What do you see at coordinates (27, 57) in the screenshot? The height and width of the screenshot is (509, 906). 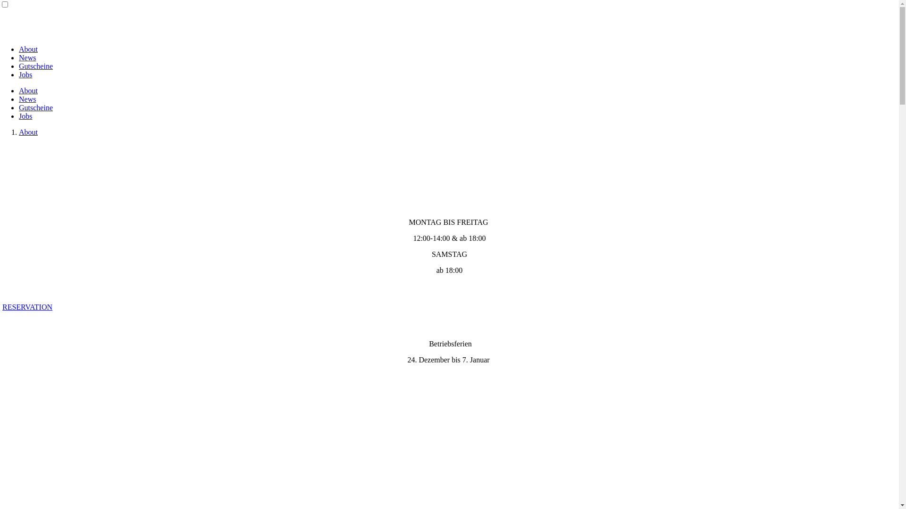 I see `'News'` at bounding box center [27, 57].